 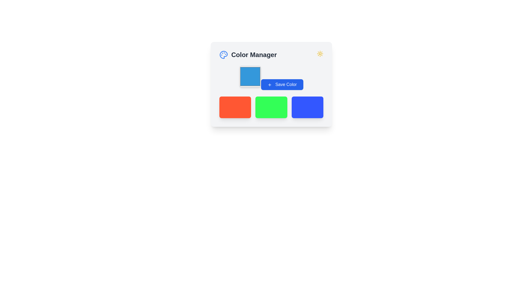 What do you see at coordinates (271, 107) in the screenshot?
I see `the color palette section in the 'Color Manager' interface` at bounding box center [271, 107].